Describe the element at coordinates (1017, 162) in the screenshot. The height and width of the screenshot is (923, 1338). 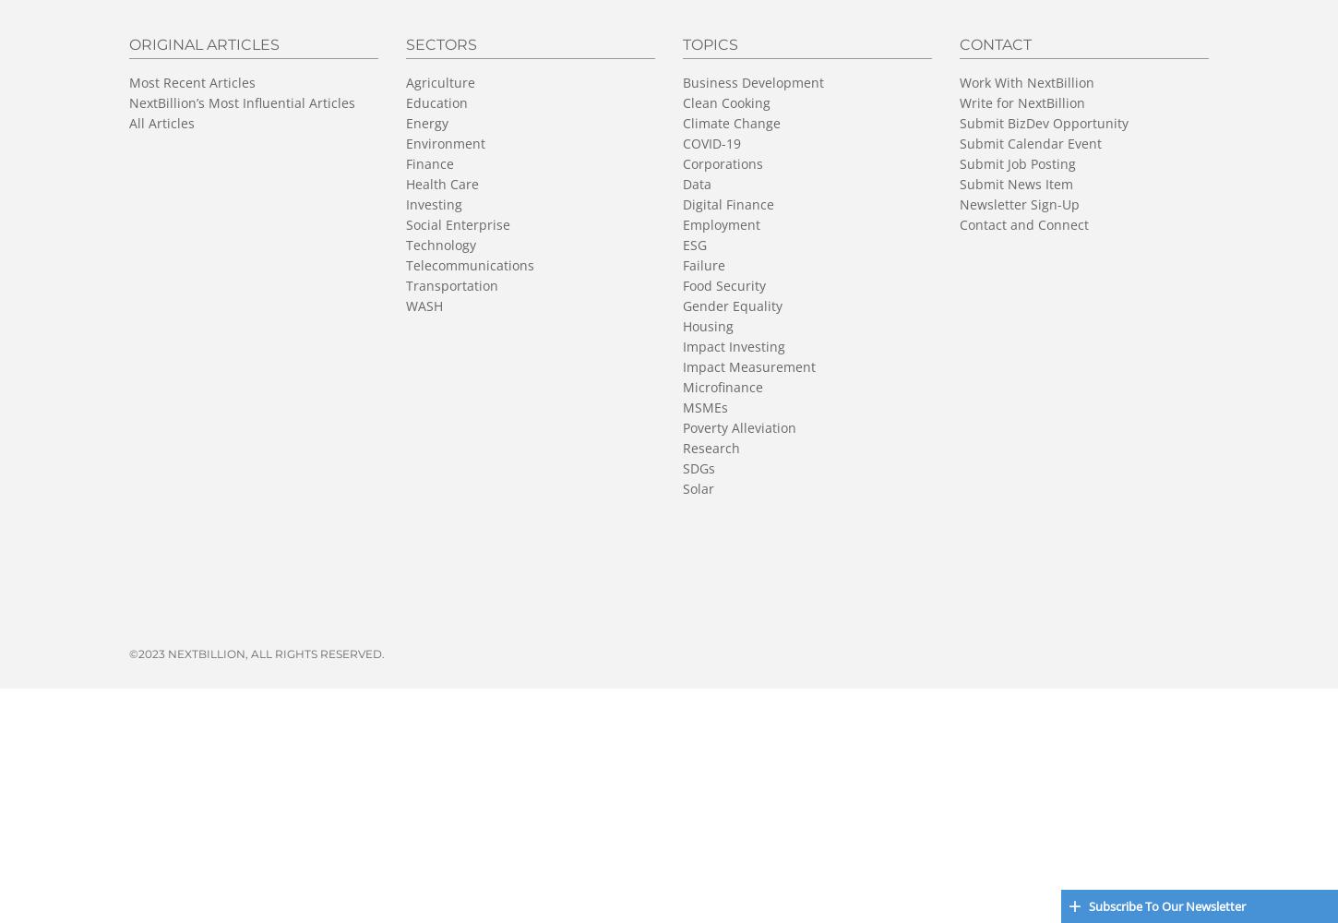
I see `'Submit Job Posting'` at that location.